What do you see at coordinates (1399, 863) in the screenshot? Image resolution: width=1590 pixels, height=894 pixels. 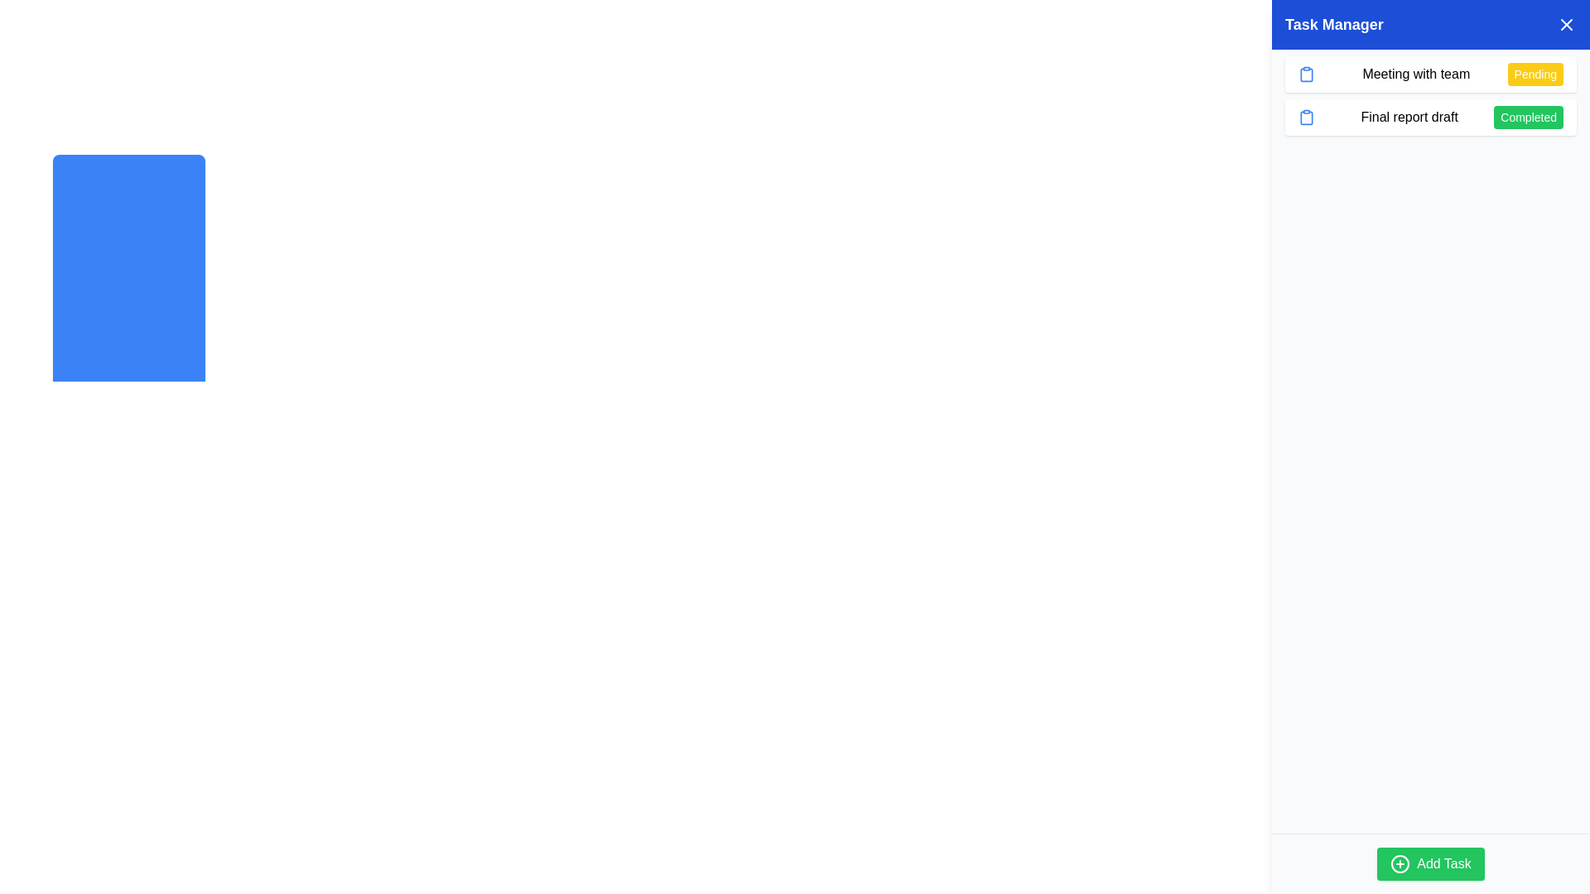 I see `the '+' icon's circular part within the 'Add Task' button located at the bottom-right corner of the interface` at bounding box center [1399, 863].